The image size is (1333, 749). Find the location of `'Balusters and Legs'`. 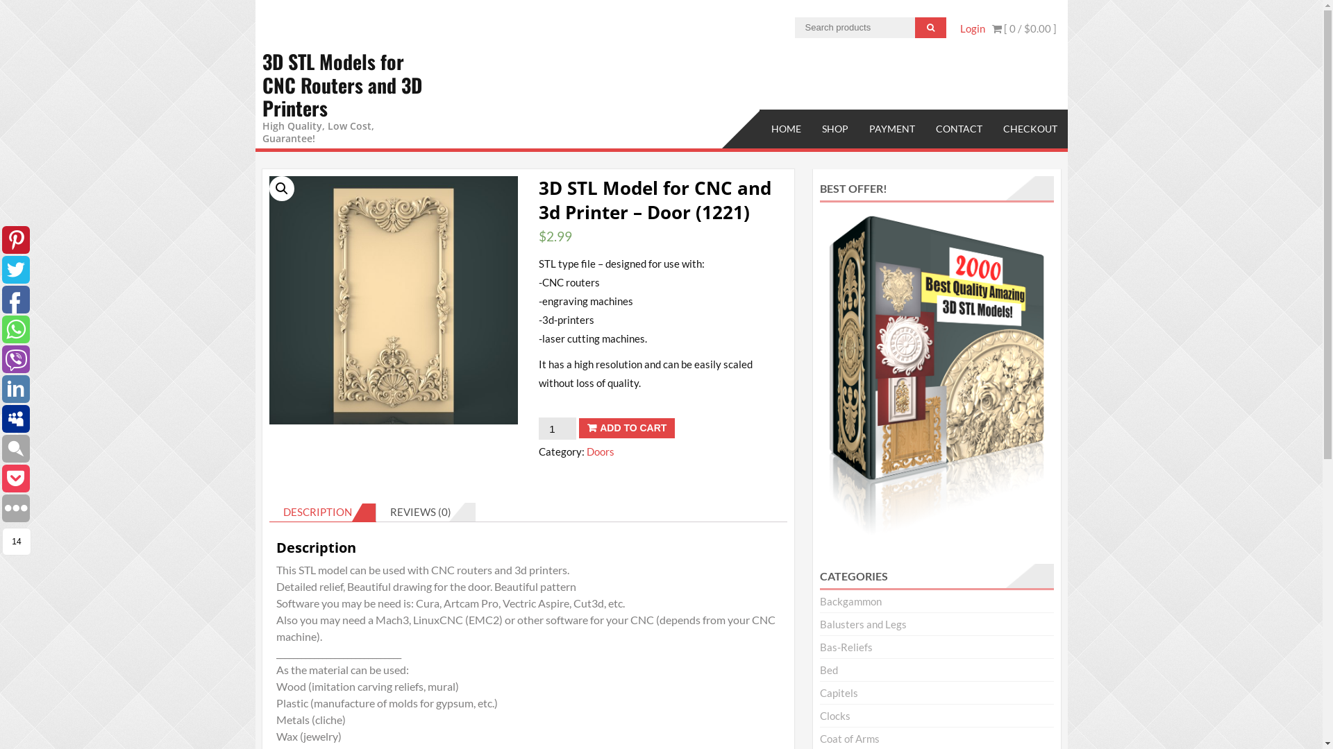

'Balusters and Legs' is located at coordinates (862, 623).